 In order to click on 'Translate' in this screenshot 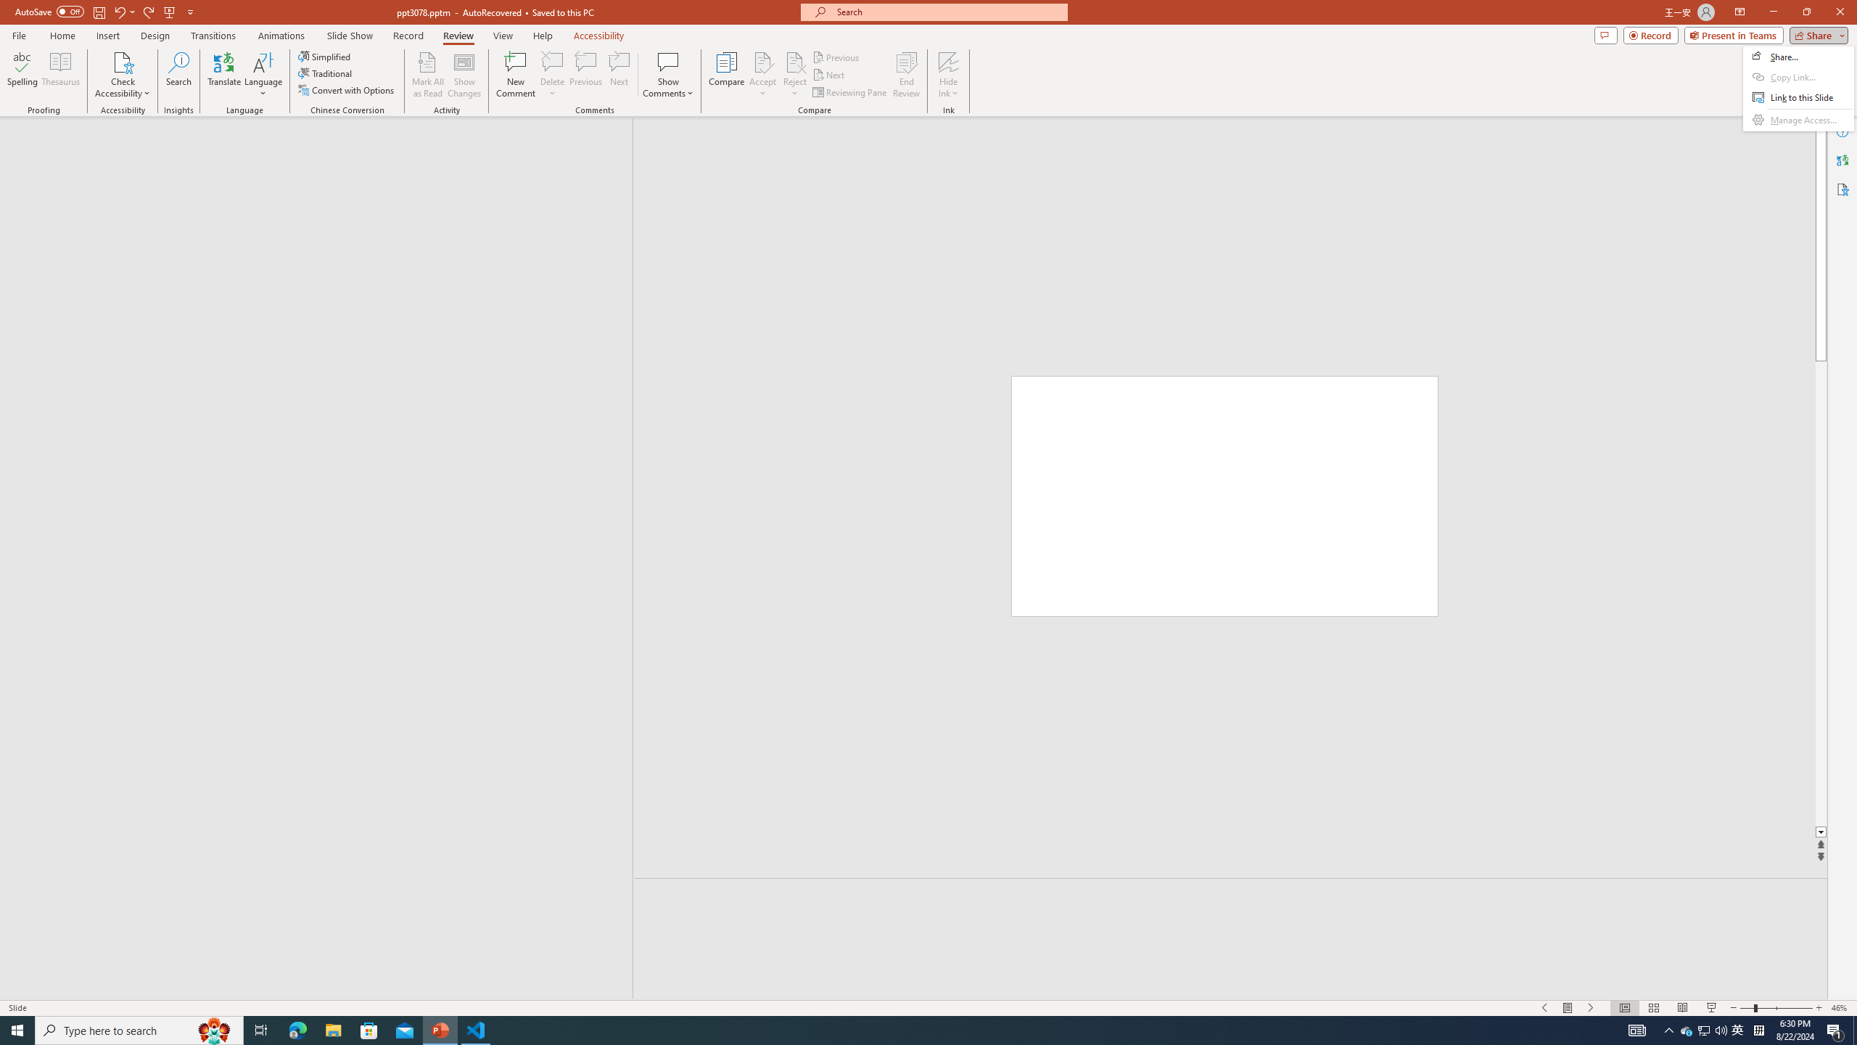, I will do `click(224, 75)`.